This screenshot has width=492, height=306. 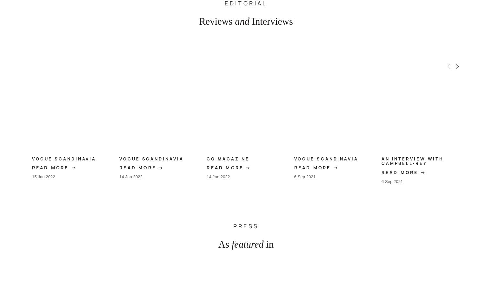 What do you see at coordinates (412, 161) in the screenshot?
I see `'An Interview with Campbell-Rey'` at bounding box center [412, 161].